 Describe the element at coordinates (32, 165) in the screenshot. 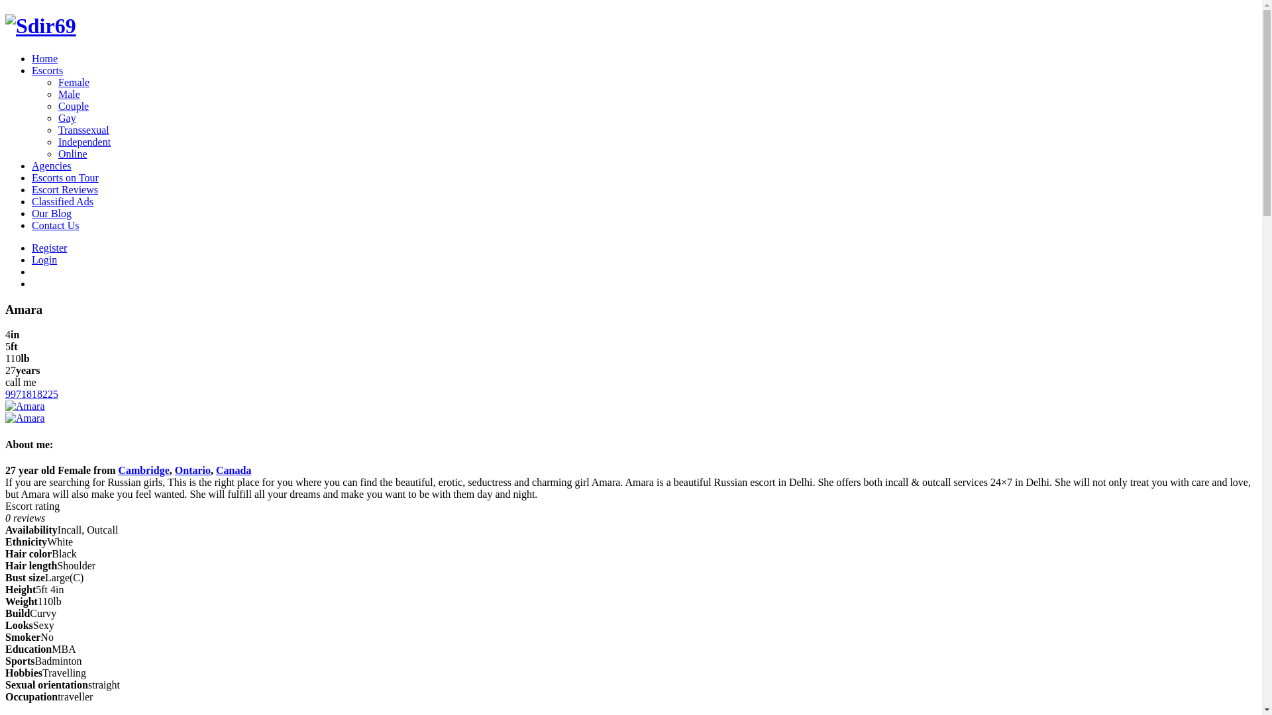

I see `'Agencies'` at that location.